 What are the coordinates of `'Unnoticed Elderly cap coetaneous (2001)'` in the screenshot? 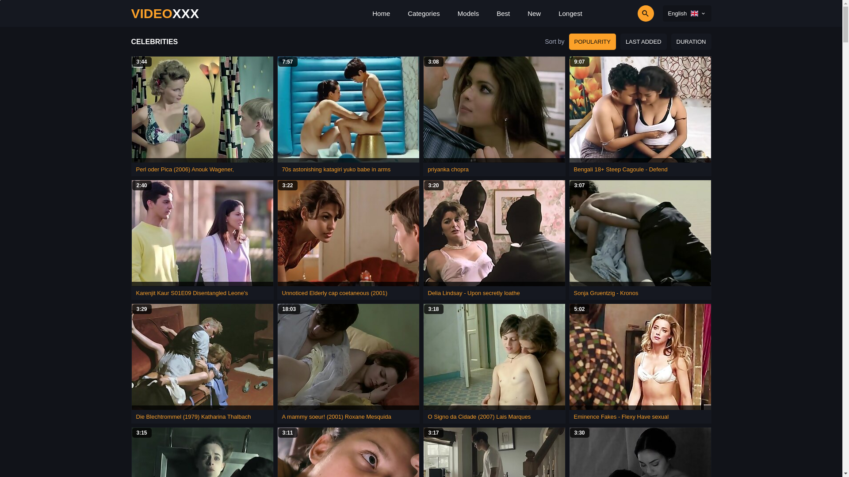 It's located at (334, 293).